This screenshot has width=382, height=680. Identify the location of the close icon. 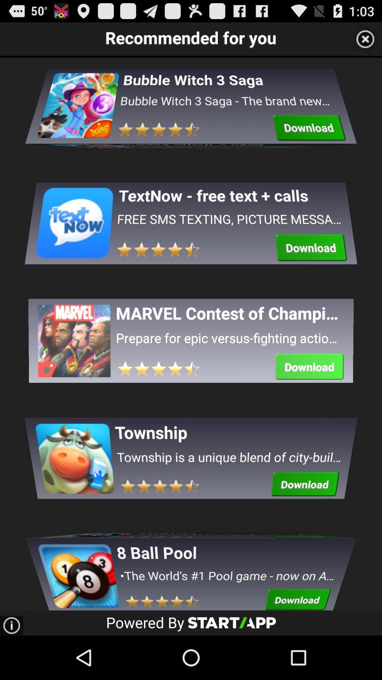
(365, 41).